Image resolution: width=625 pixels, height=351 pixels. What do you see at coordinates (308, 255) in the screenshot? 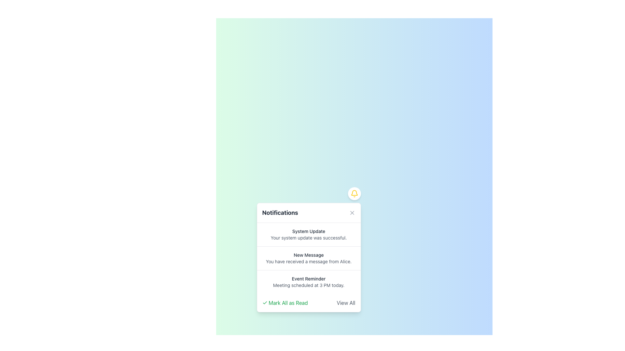
I see `the 'New Message' text label located centrally within the notification card to access related content` at bounding box center [308, 255].